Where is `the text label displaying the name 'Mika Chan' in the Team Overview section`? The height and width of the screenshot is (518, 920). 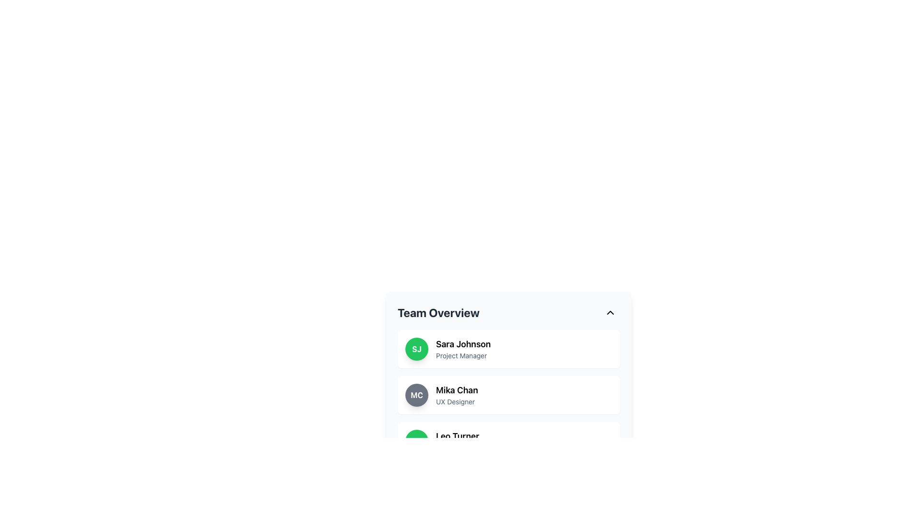 the text label displaying the name 'Mika Chan' in the Team Overview section is located at coordinates (524, 390).